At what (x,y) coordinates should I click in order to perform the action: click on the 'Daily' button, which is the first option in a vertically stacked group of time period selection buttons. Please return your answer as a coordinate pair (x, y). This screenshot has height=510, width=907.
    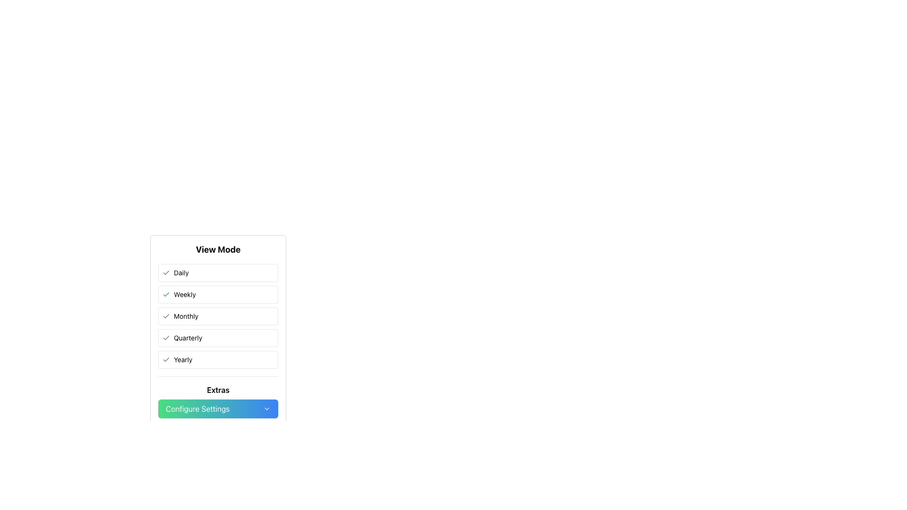
    Looking at the image, I should click on (217, 273).